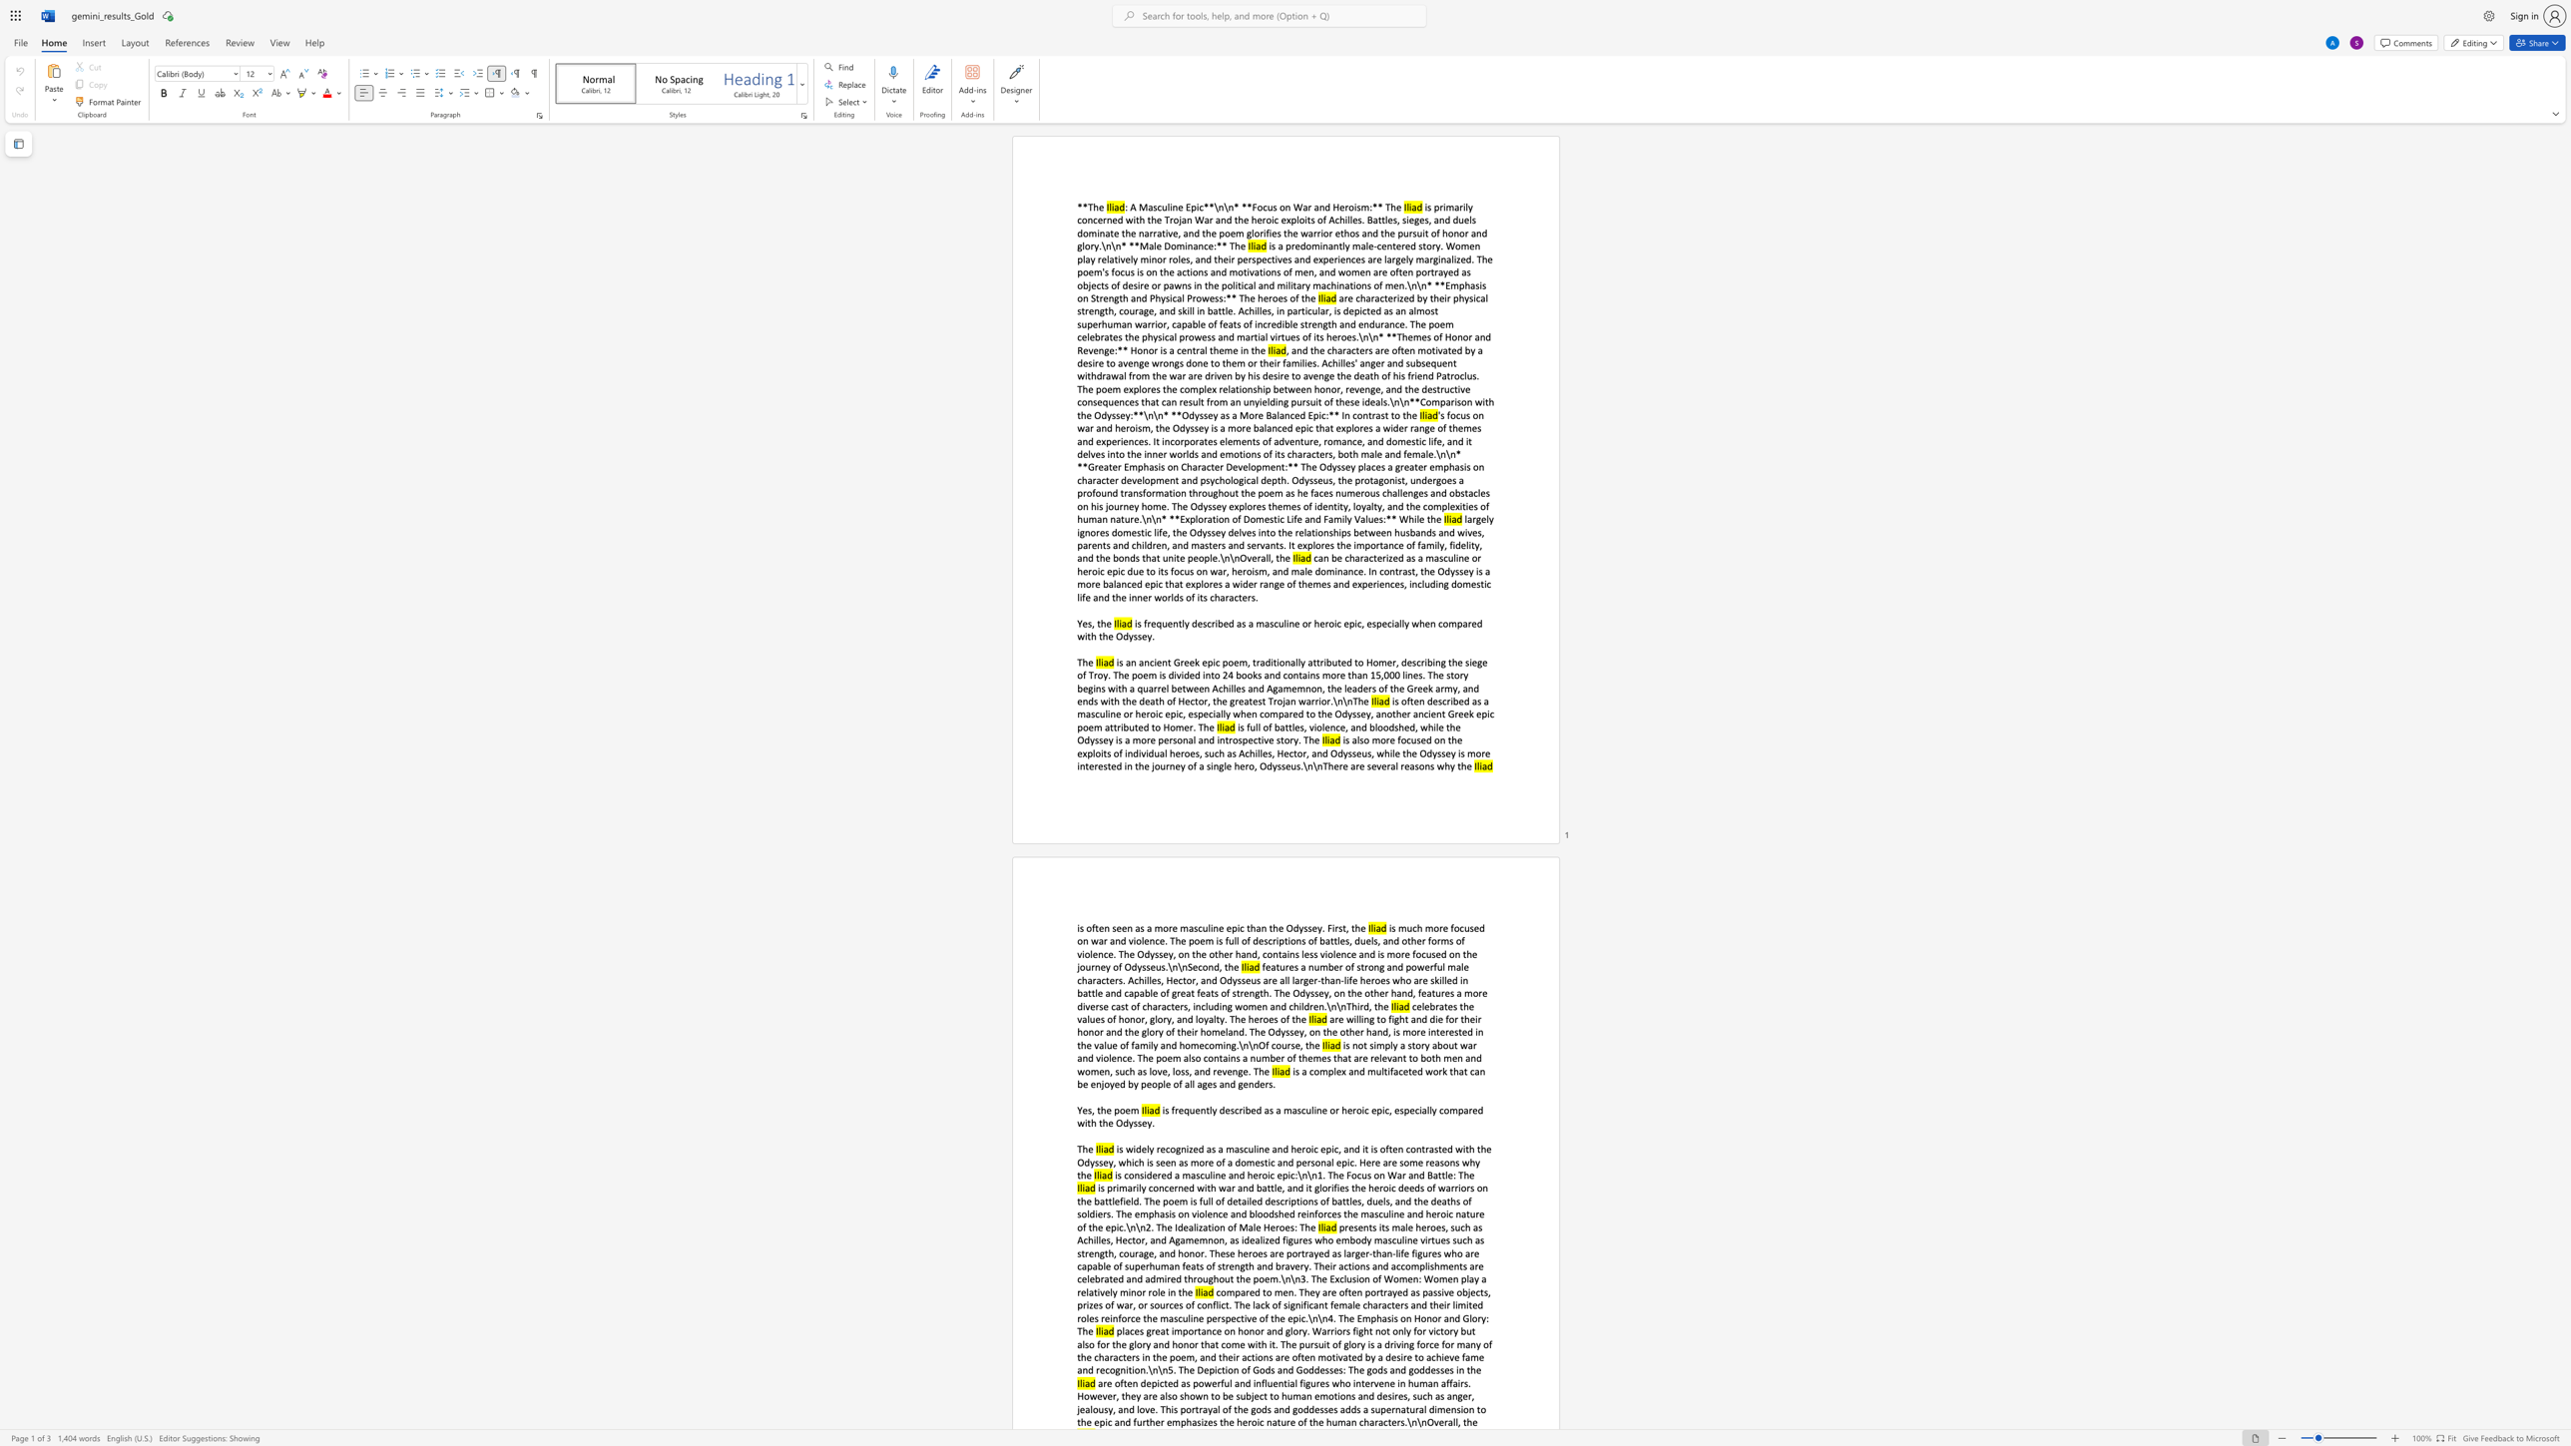  What do you see at coordinates (1316, 1175) in the screenshot?
I see `the subset text "1. The Focus on War and Battl" within the text "is considered a masculine and heroic epic:\n\n1. The Focus on War and Battle: The"` at bounding box center [1316, 1175].